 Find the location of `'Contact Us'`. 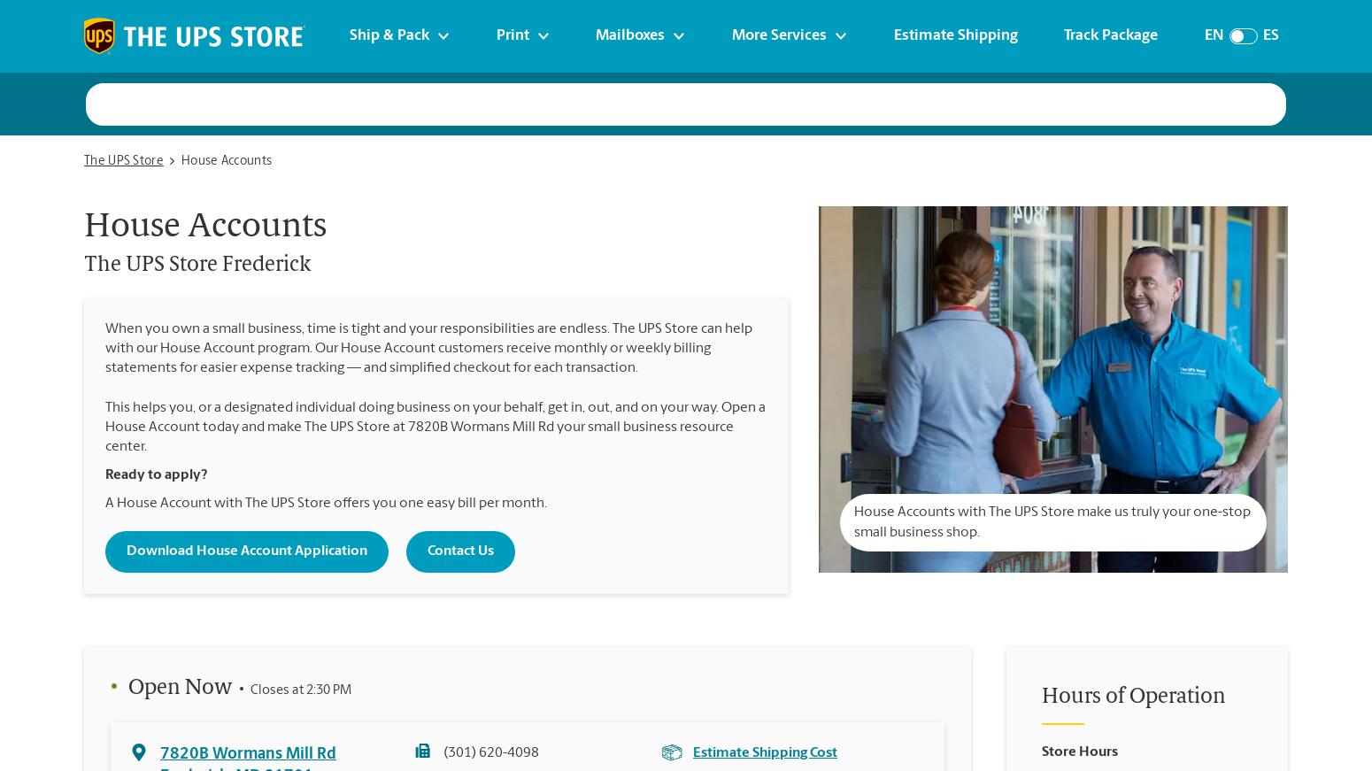

'Contact Us' is located at coordinates (459, 551).